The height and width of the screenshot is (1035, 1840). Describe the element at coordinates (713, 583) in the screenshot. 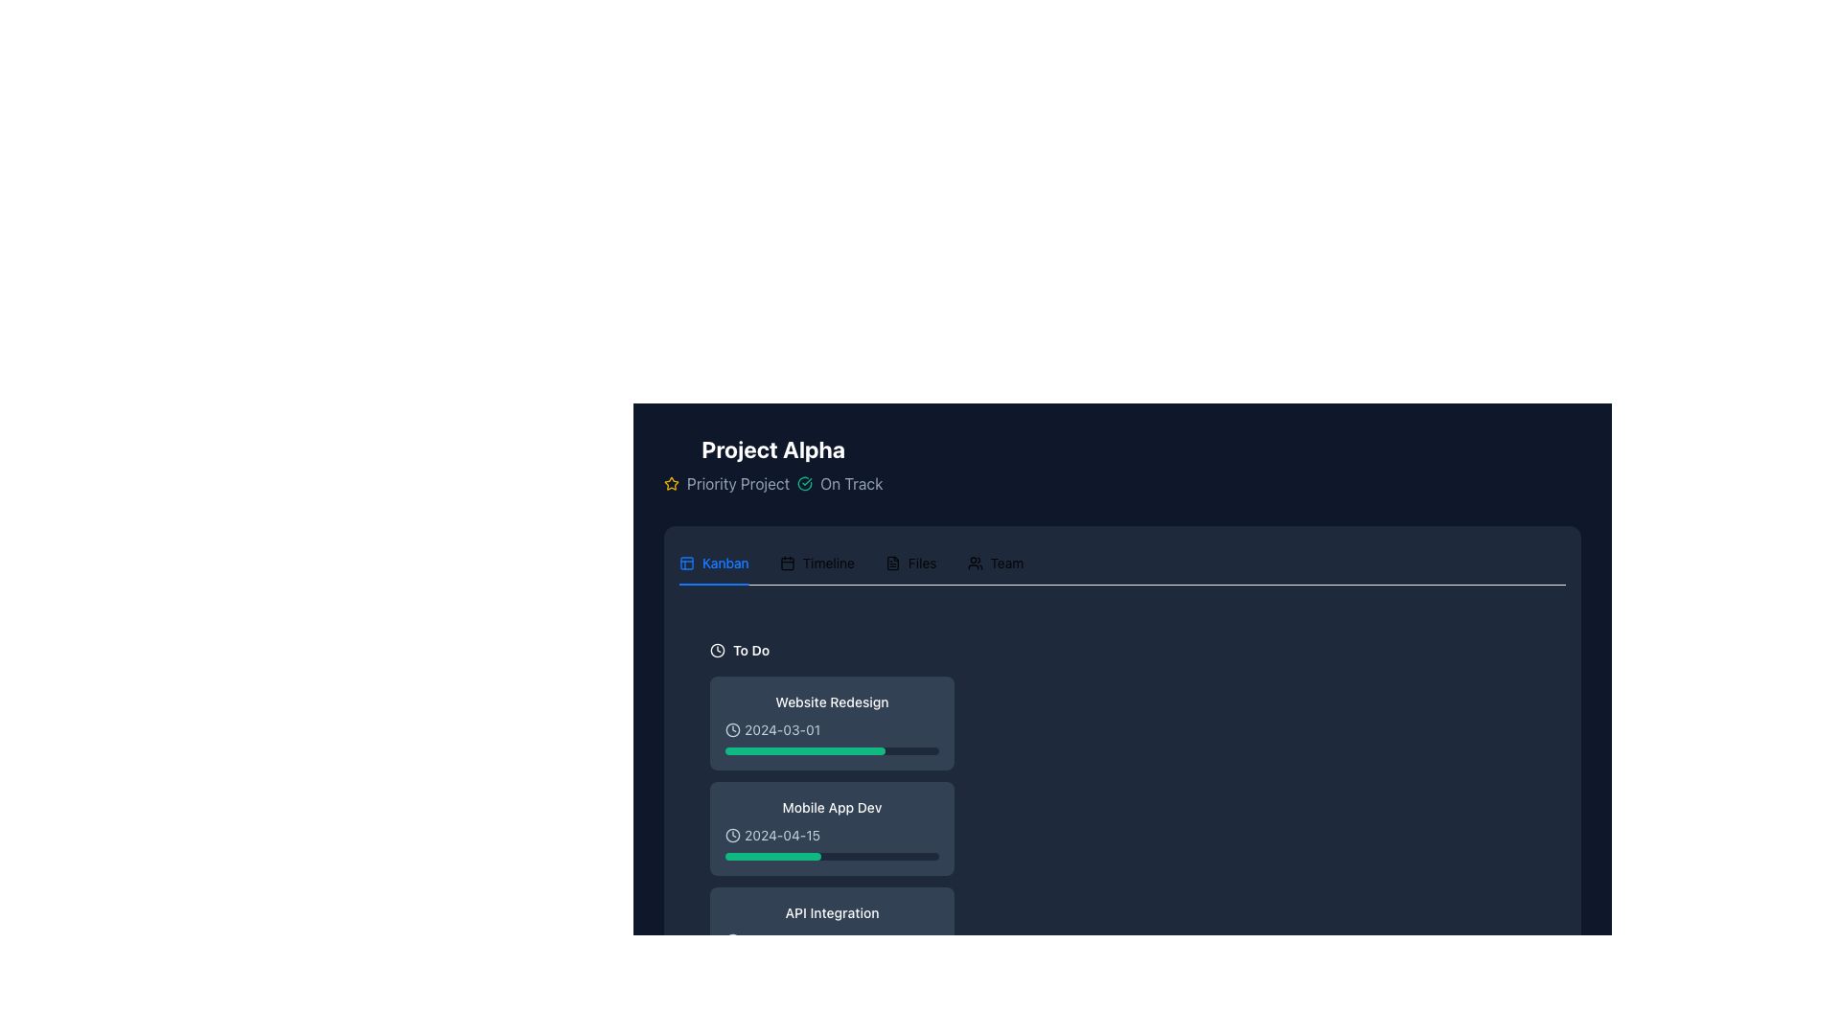

I see `the Active Tab Indicator, which is a thin rectangular bar styled as an underline located beneath the 'Kanban' tab label in the navigation bar` at that location.